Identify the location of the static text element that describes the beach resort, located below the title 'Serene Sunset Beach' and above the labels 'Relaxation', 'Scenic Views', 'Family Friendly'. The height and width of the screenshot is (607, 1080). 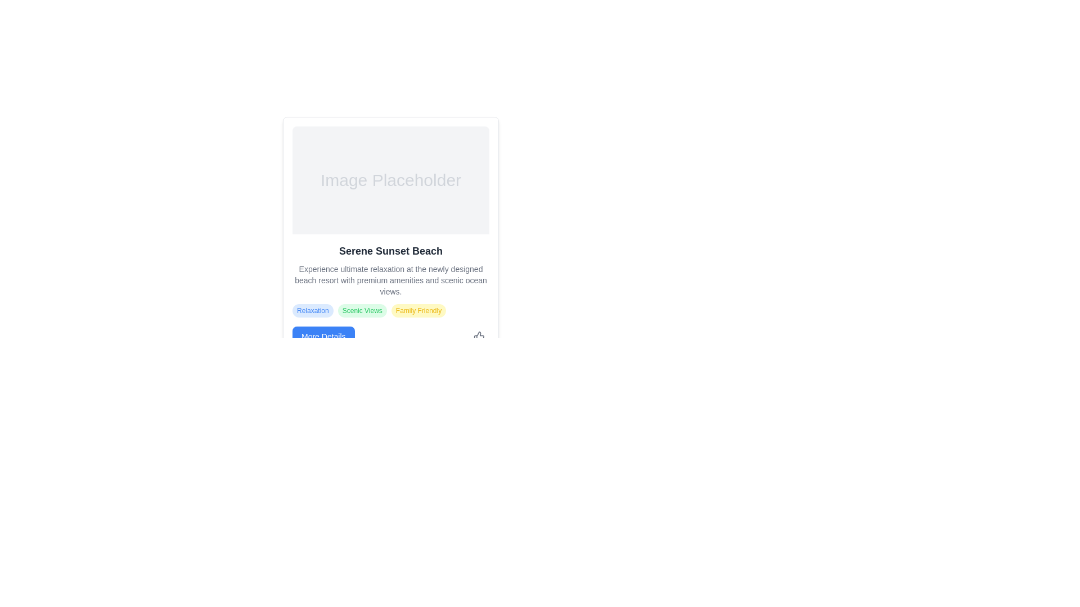
(391, 279).